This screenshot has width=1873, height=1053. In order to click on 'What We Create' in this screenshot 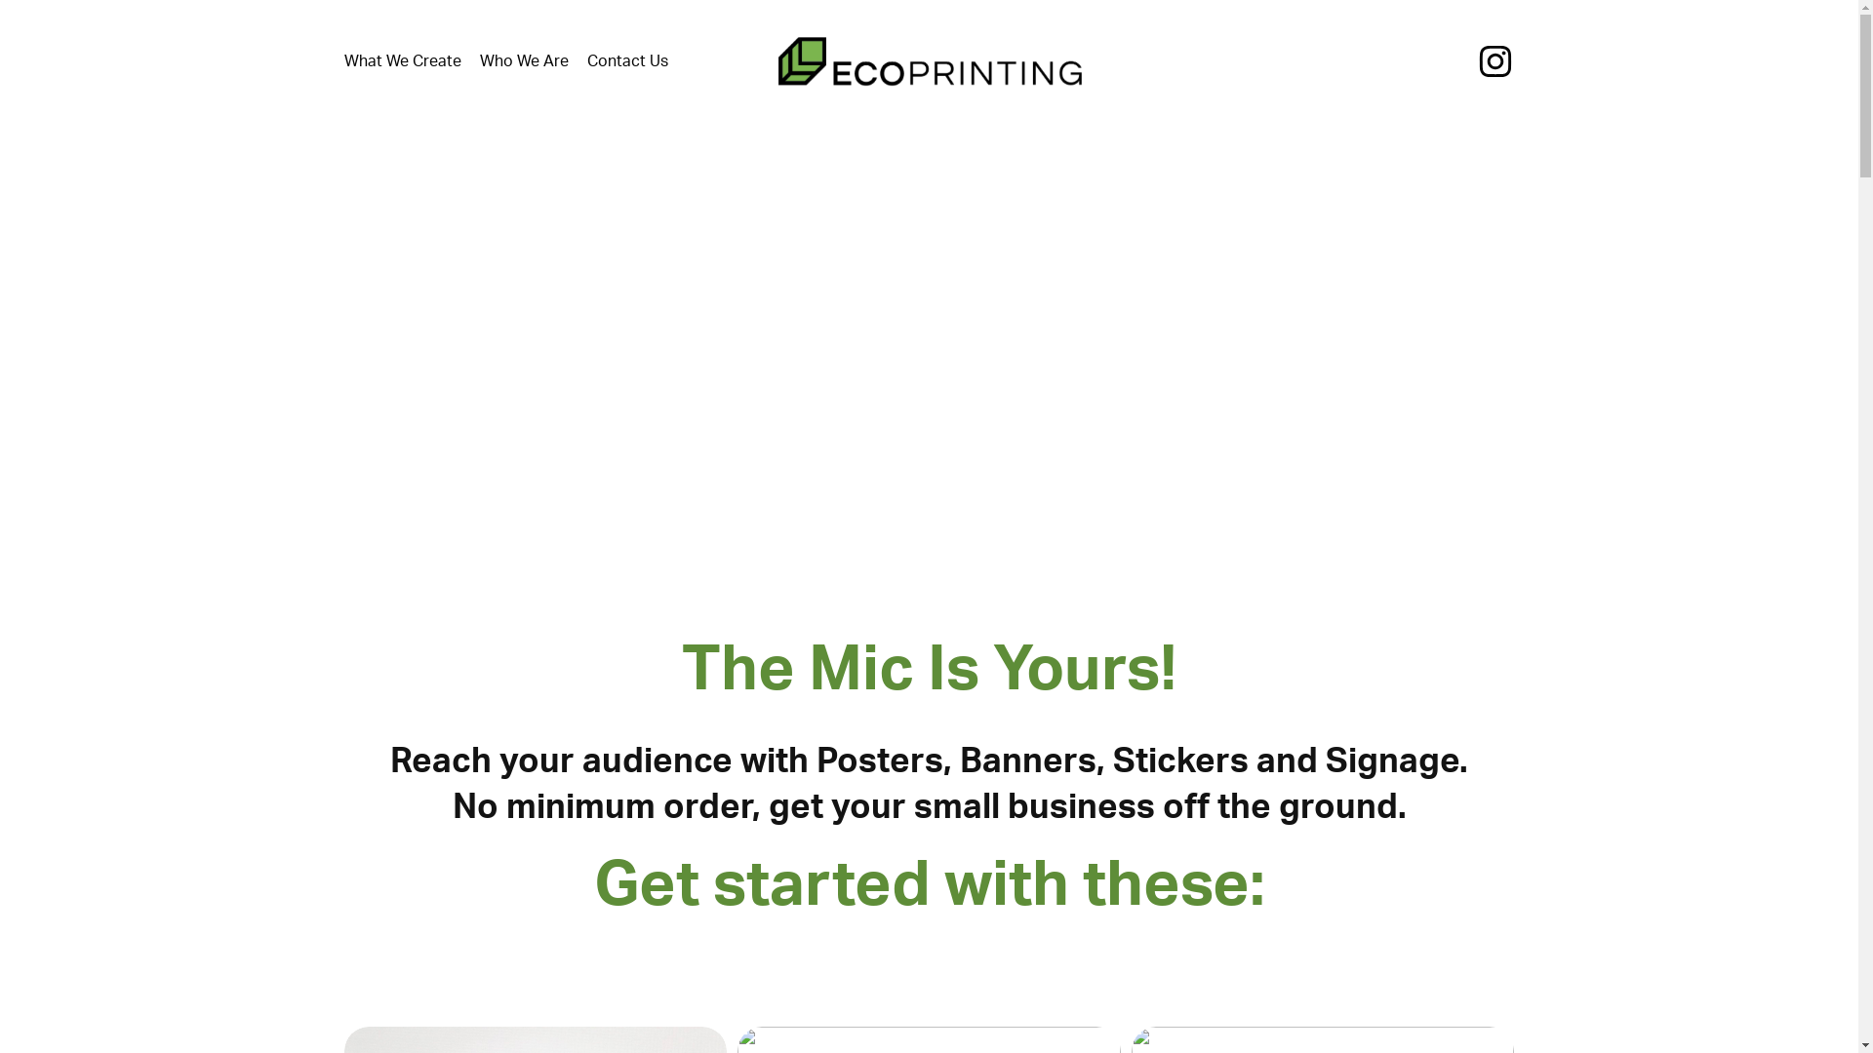, I will do `click(342, 59)`.